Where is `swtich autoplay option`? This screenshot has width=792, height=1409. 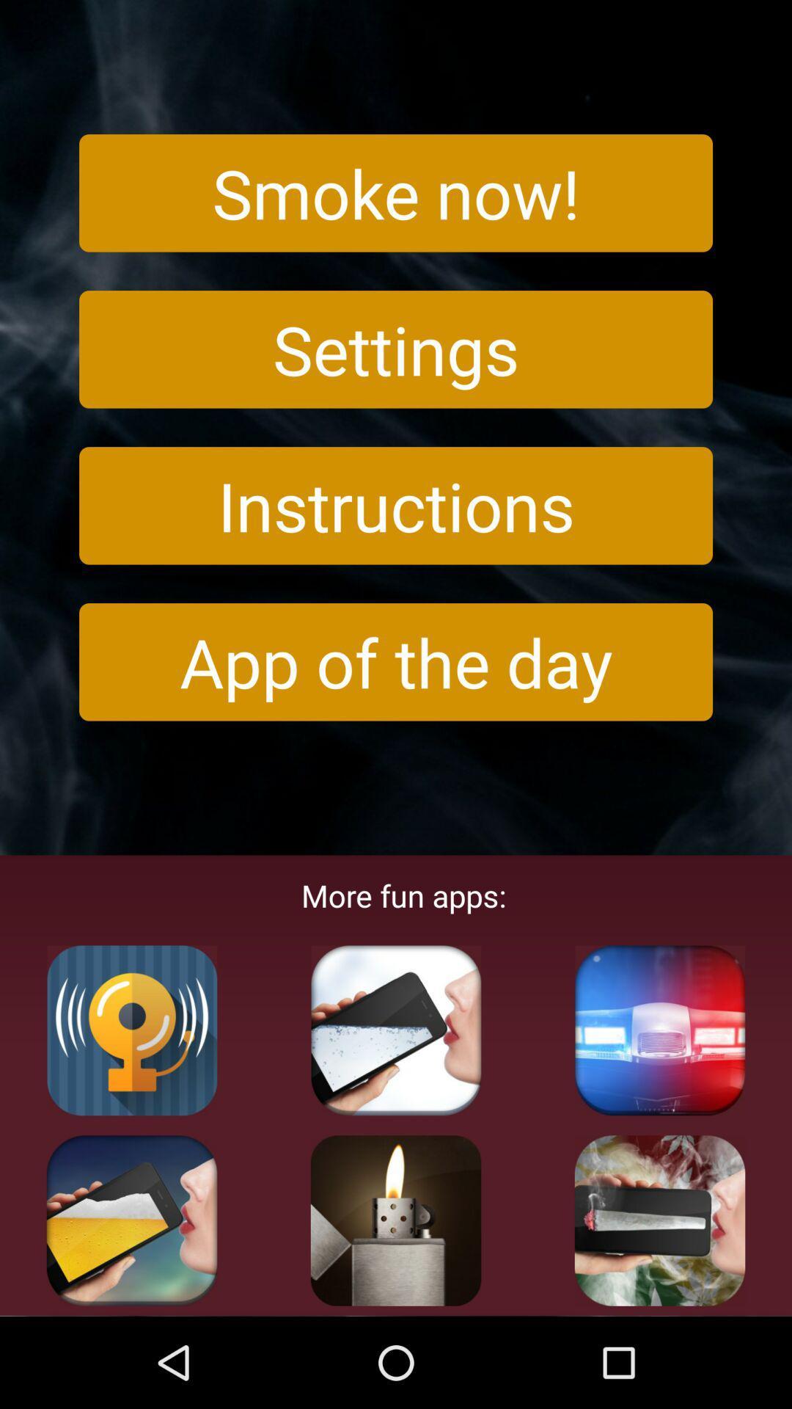 swtich autoplay option is located at coordinates (132, 1030).